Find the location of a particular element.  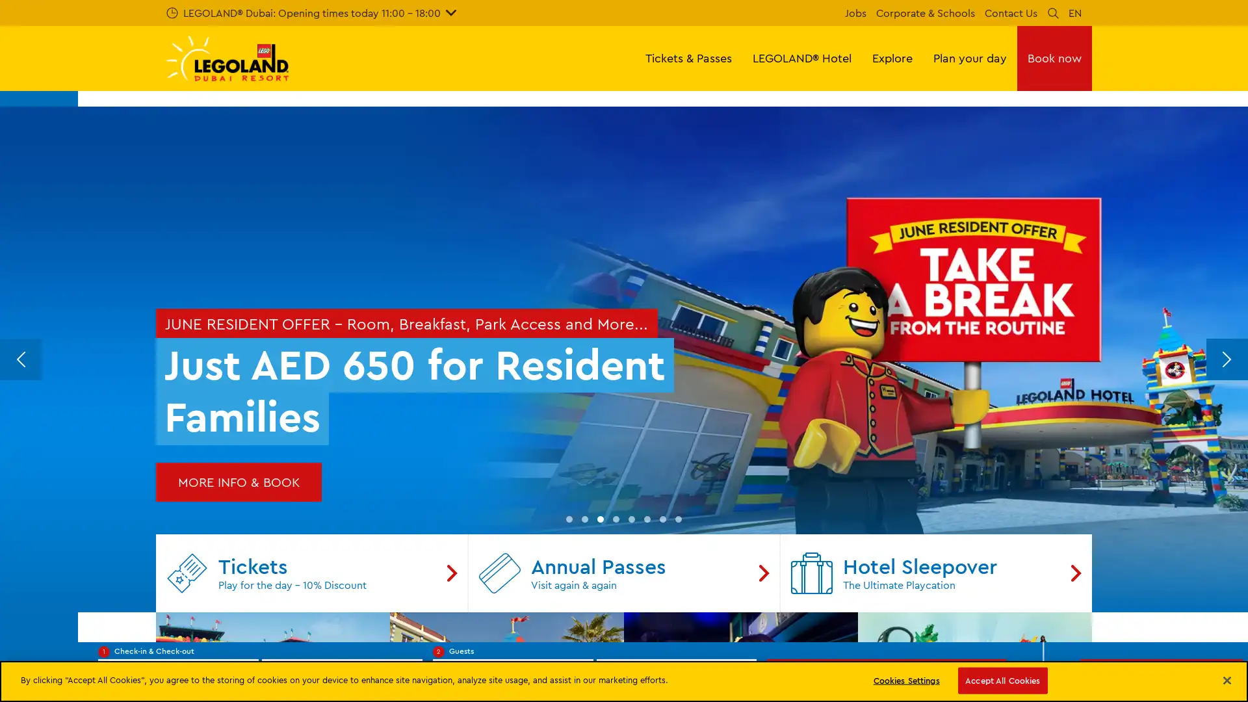

Tickets & Passes is located at coordinates (688, 57).